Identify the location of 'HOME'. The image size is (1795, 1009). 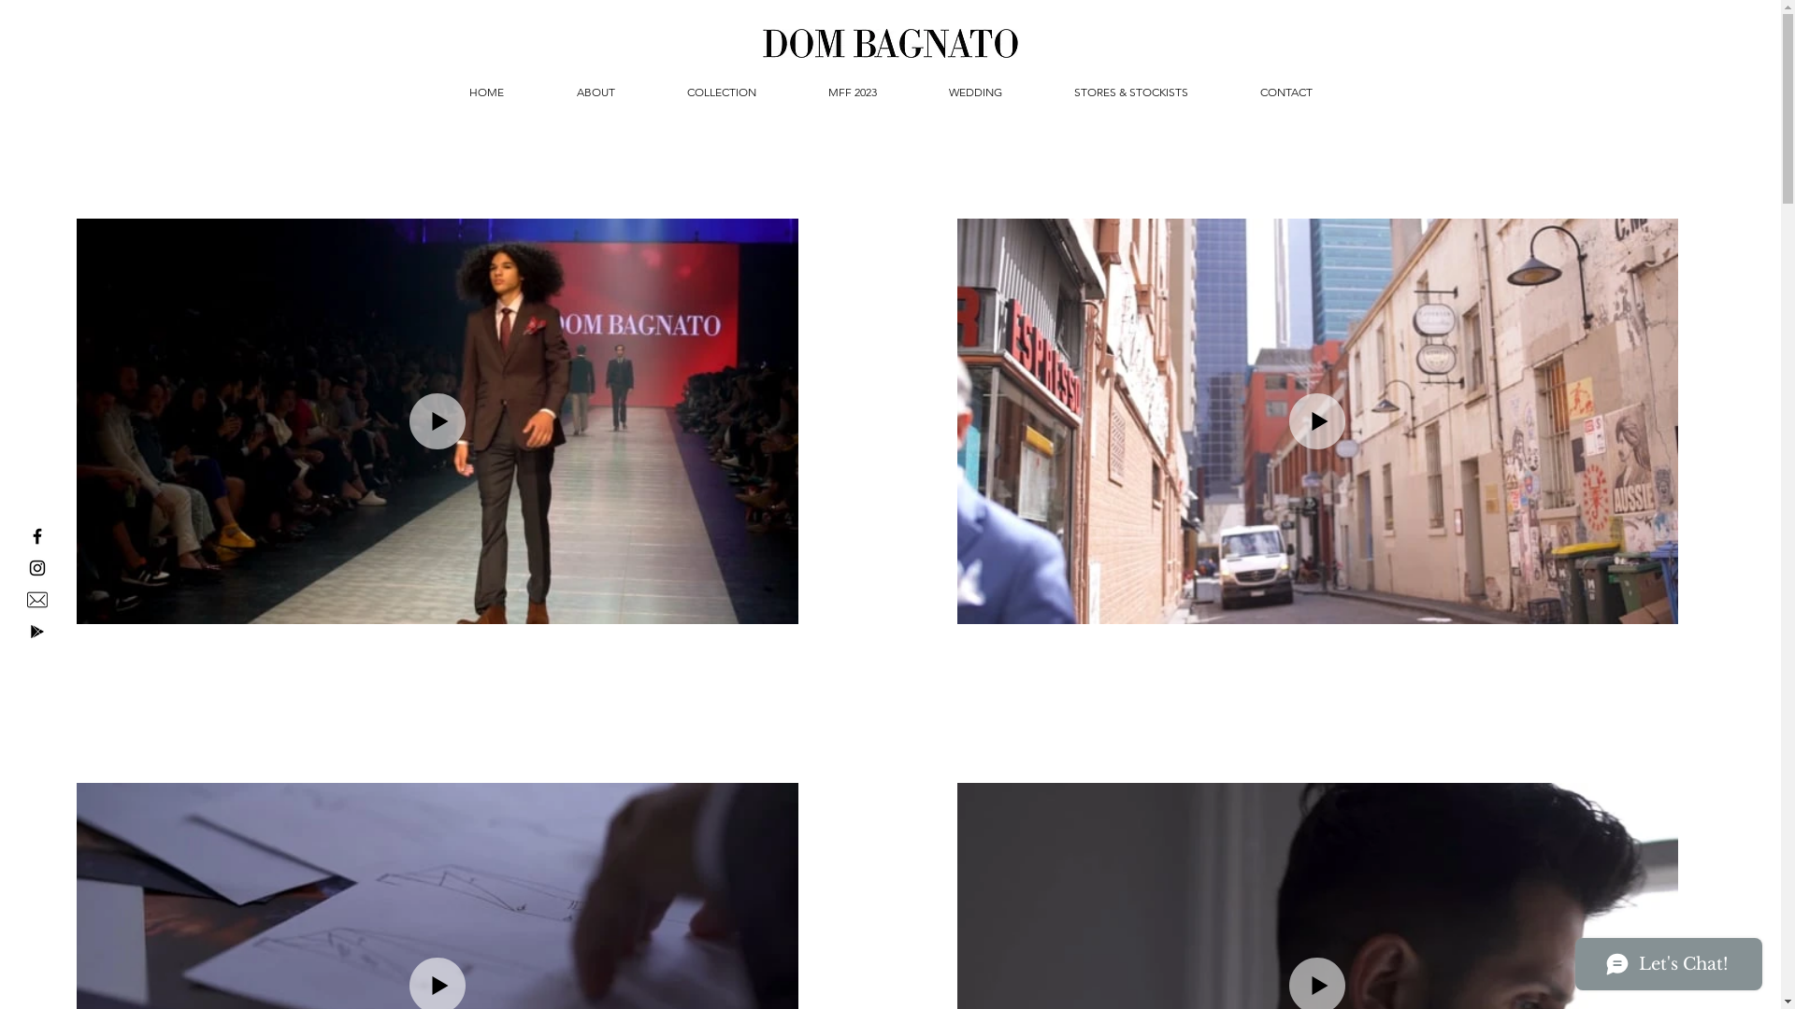
(485, 92).